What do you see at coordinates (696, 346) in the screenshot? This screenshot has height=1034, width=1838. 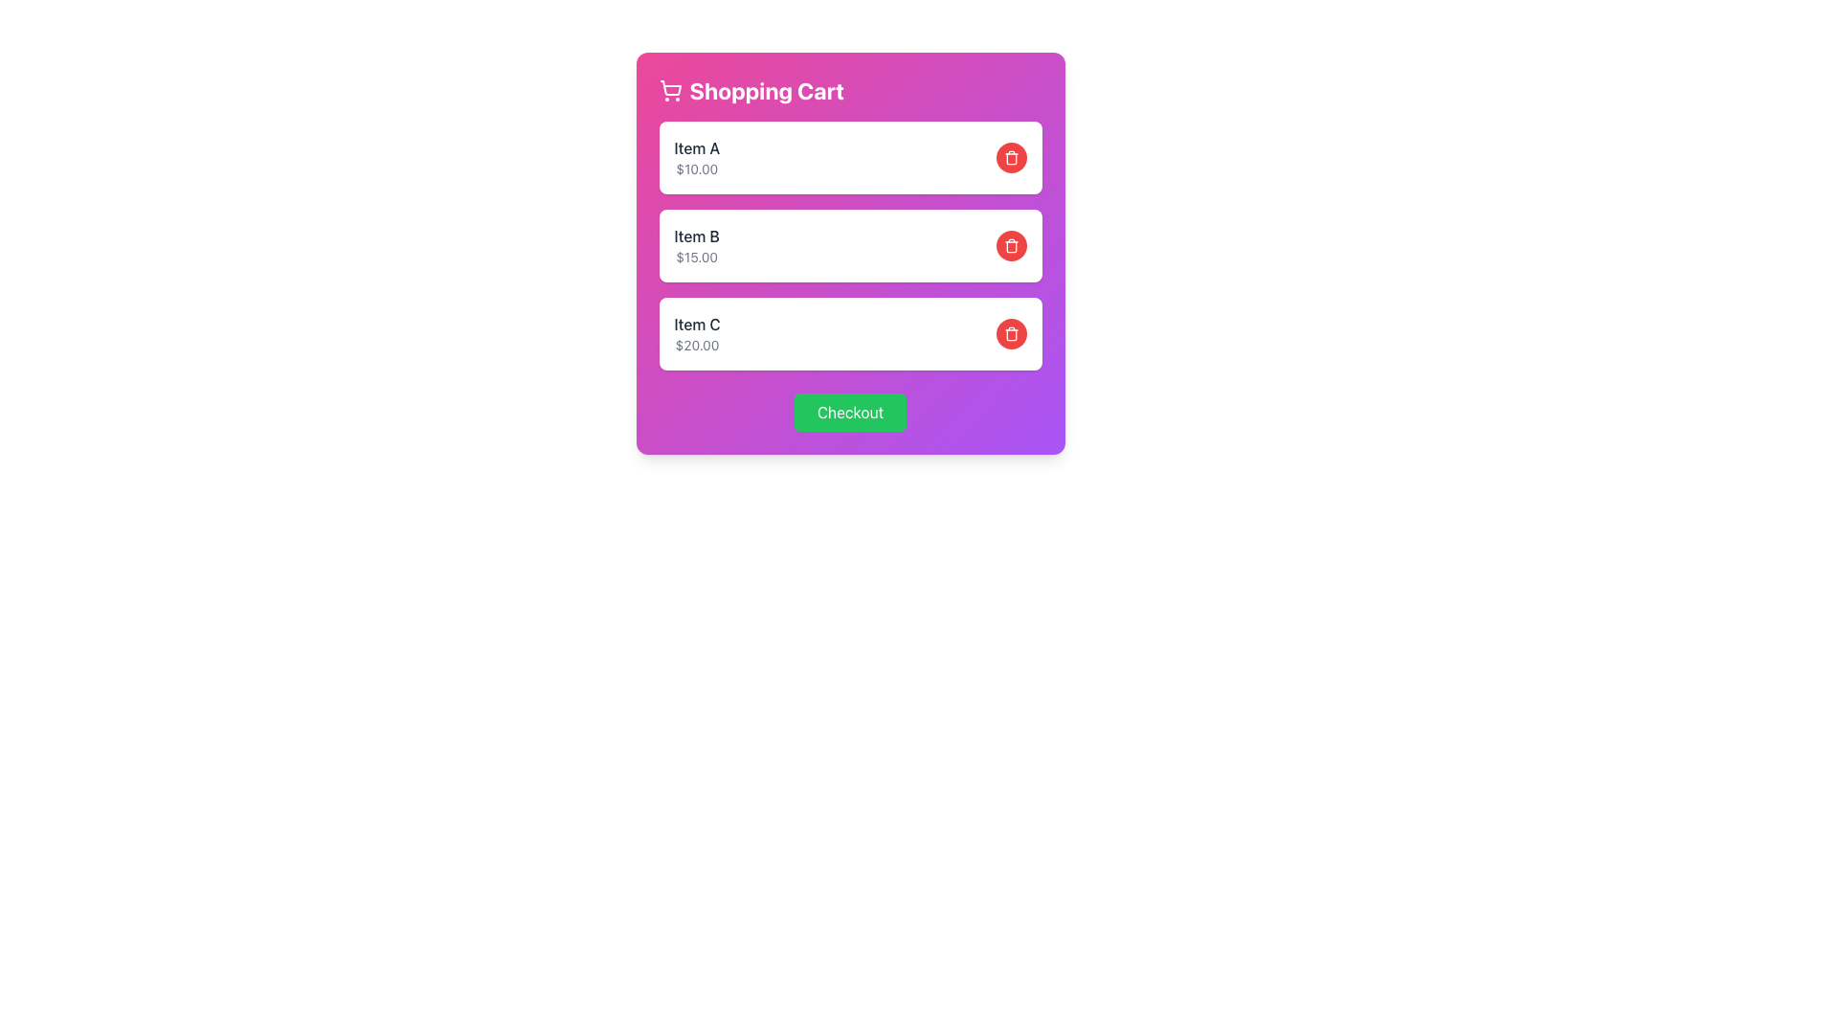 I see `the static text label displaying the price of 'Item C' in the shopping cart, located below the 'Item C' label and to the left of the trash icon button` at bounding box center [696, 346].